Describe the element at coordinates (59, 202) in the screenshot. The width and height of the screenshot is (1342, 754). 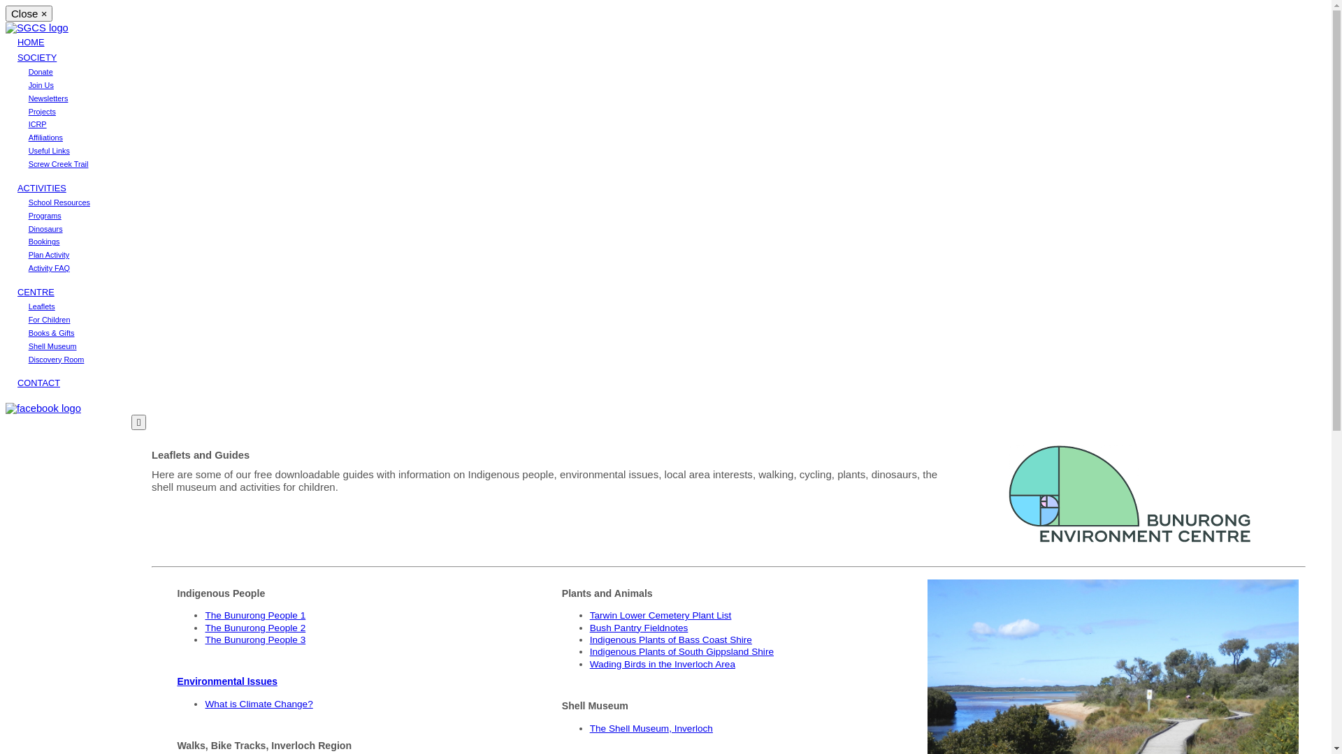
I see `'School Resources'` at that location.